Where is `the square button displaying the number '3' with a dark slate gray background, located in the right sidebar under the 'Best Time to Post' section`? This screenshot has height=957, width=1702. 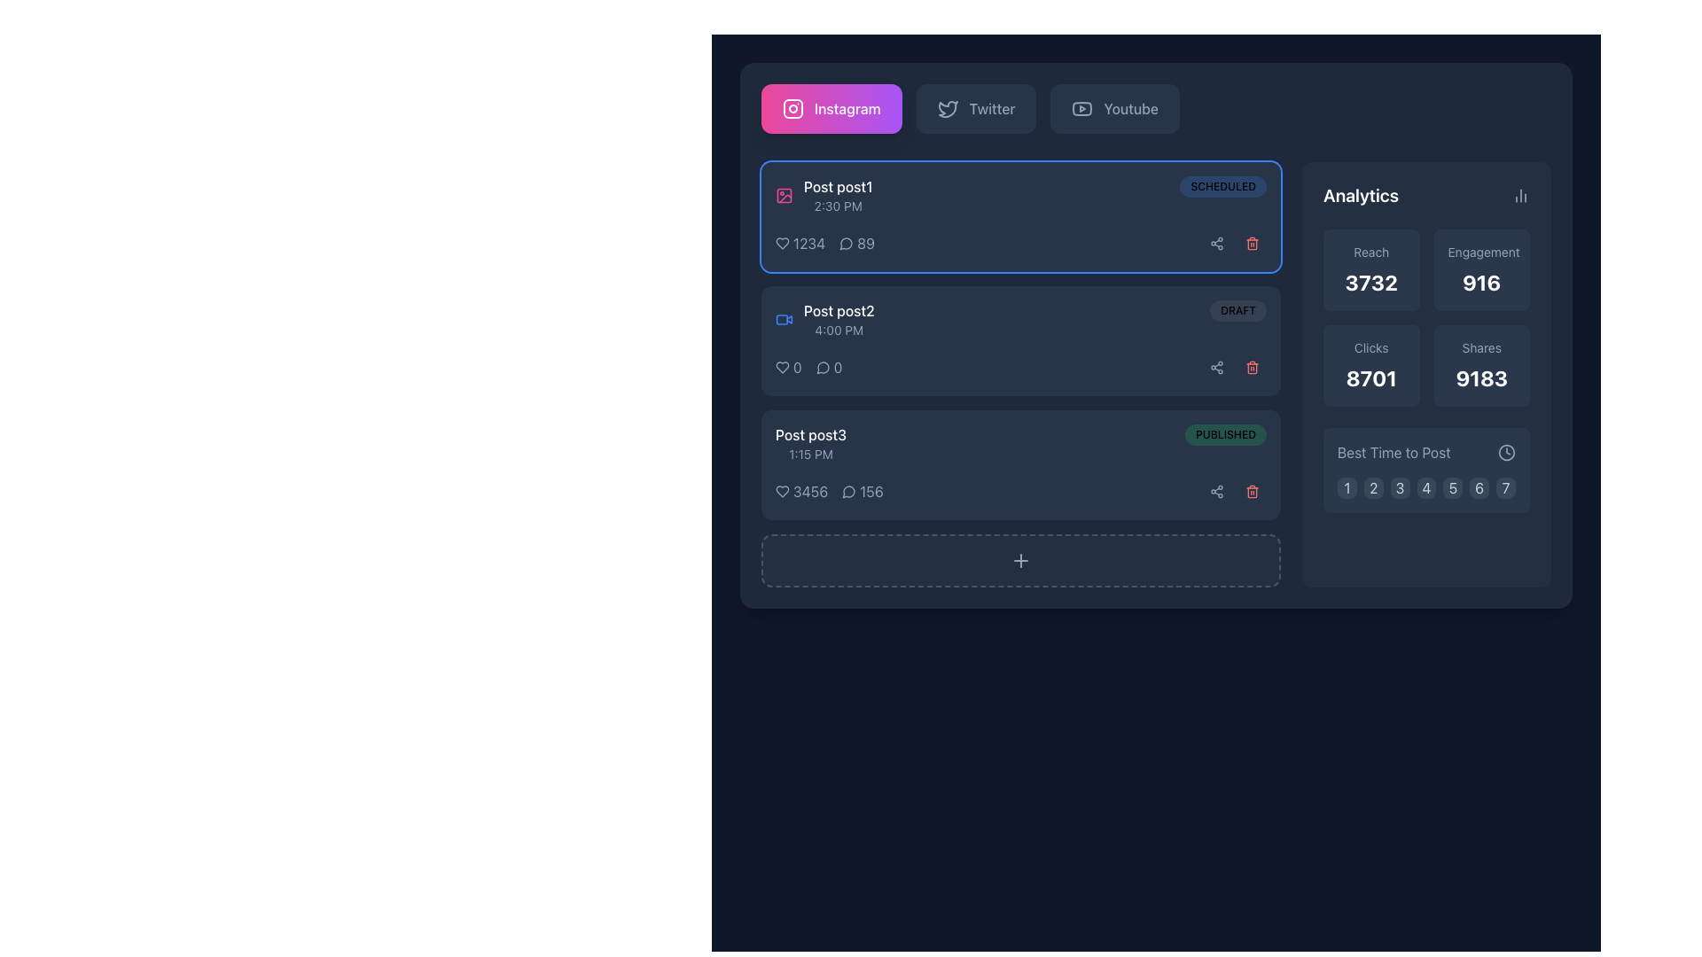 the square button displaying the number '3' with a dark slate gray background, located in the right sidebar under the 'Best Time to Post' section is located at coordinates (1399, 488).